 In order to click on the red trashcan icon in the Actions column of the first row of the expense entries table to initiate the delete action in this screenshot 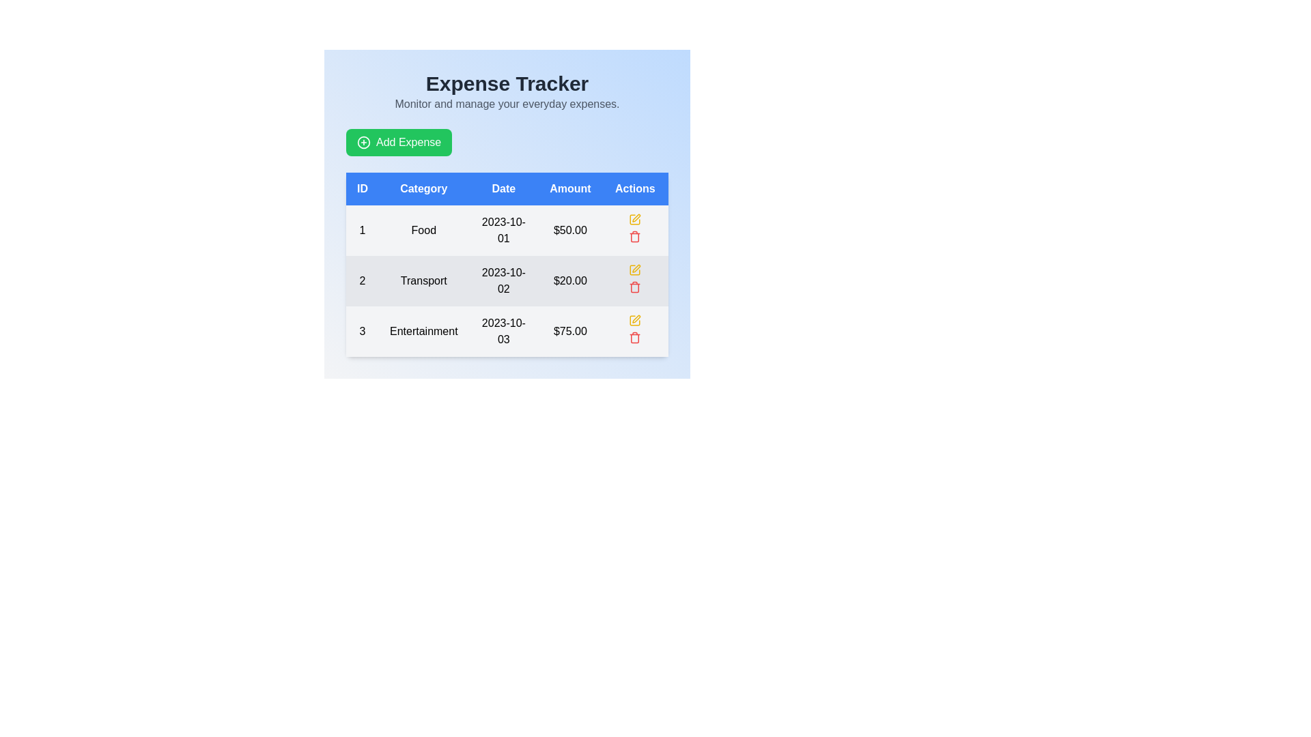, I will do `click(634, 236)`.